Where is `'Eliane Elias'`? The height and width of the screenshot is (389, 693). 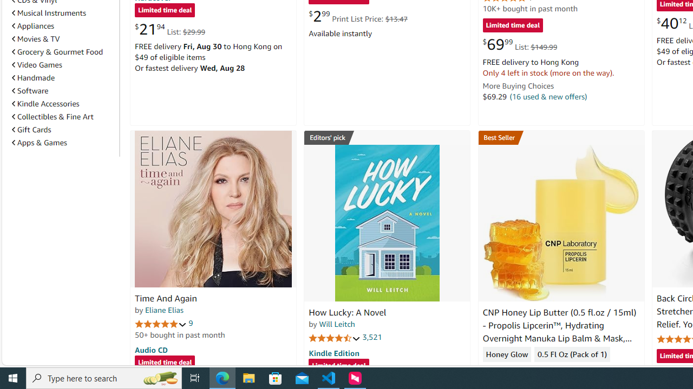
'Eliane Elias' is located at coordinates (164, 310).